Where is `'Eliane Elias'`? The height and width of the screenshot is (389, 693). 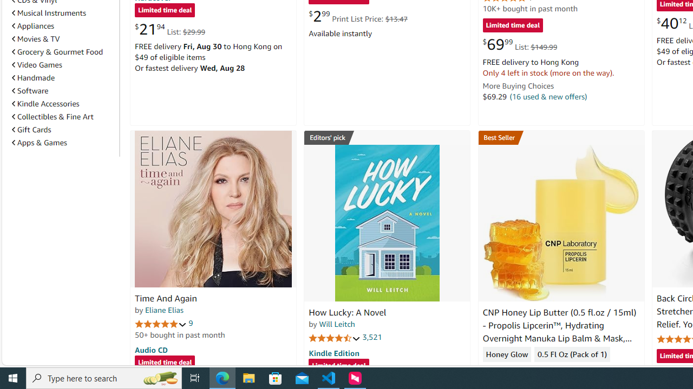
'Eliane Elias' is located at coordinates (164, 310).